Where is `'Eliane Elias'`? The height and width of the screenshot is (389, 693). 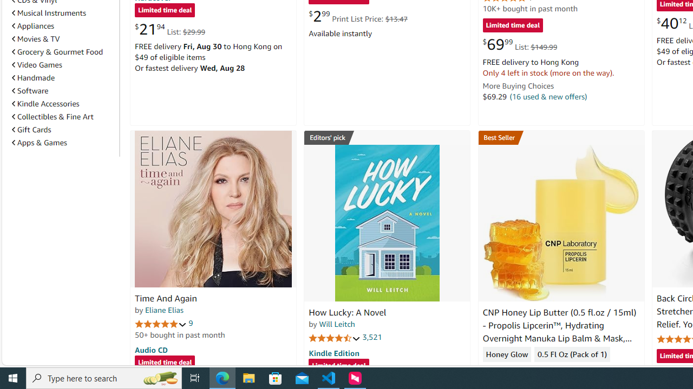
'Eliane Elias' is located at coordinates (164, 310).